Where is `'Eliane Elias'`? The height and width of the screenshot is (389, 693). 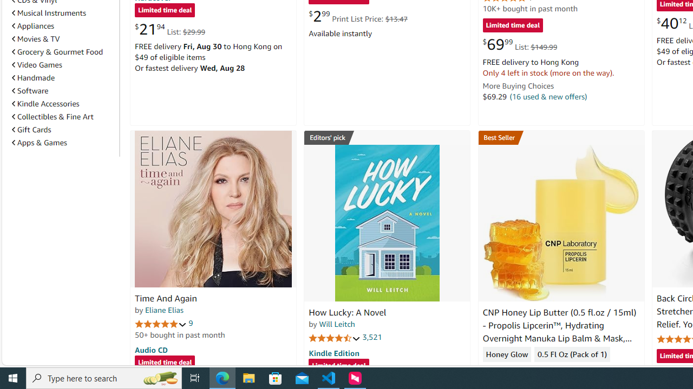
'Eliane Elias' is located at coordinates (164, 310).